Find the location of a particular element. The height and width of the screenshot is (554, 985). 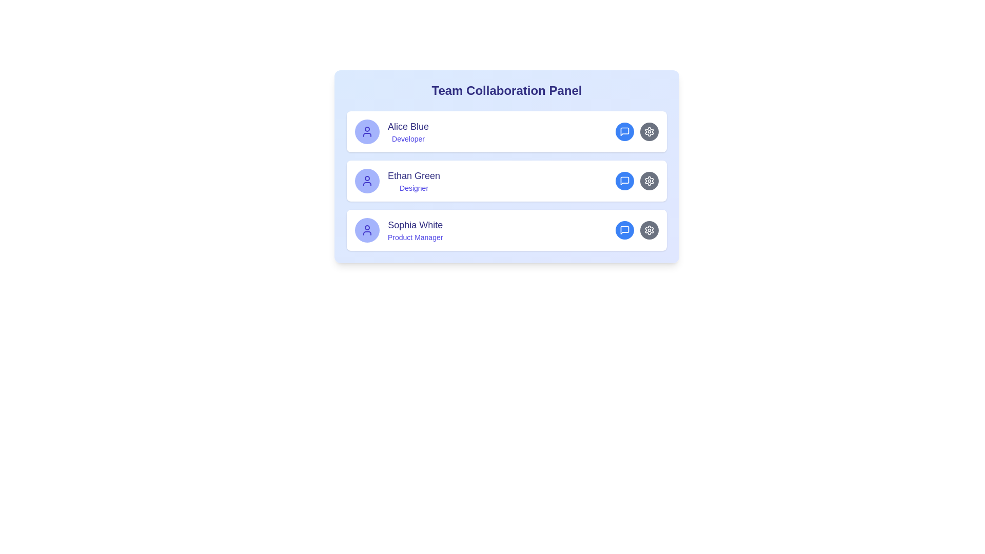

the static text label that designates 'Developer' associated with 'Alice Blue' within the 'Team Collaboration Panel' is located at coordinates (408, 138).